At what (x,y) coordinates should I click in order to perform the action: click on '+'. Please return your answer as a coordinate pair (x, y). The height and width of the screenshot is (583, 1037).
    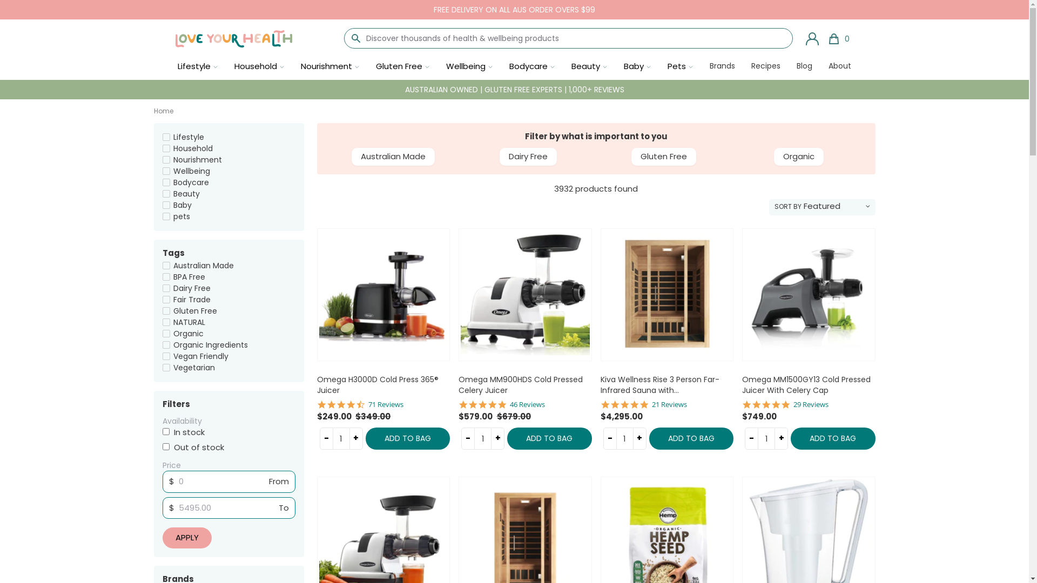
    Looking at the image, I should click on (356, 438).